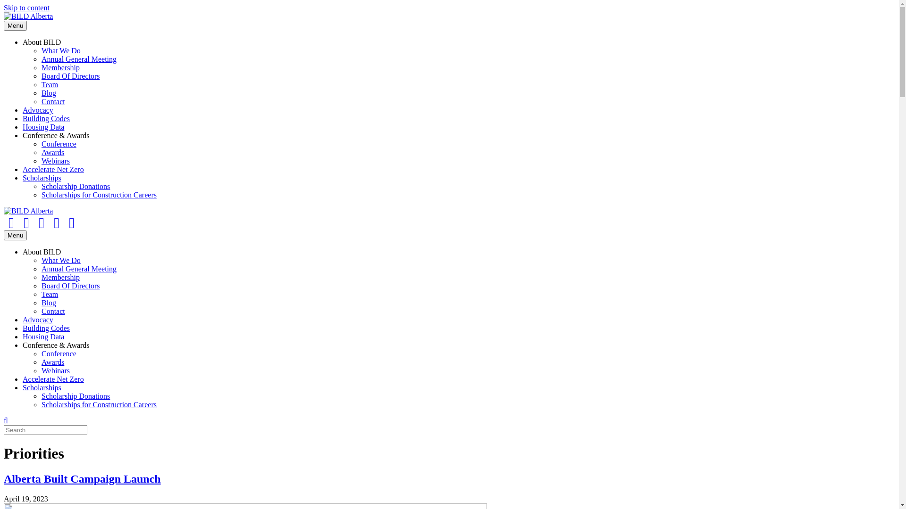 This screenshot has width=906, height=509. I want to click on 'Instagram', so click(56, 223).